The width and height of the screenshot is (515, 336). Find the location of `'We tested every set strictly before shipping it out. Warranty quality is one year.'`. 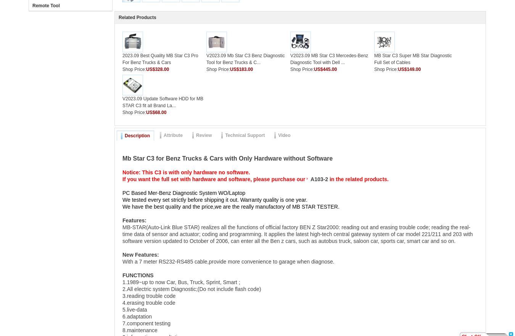

'We tested every set strictly before shipping it out. Warranty quality is one year.' is located at coordinates (214, 200).